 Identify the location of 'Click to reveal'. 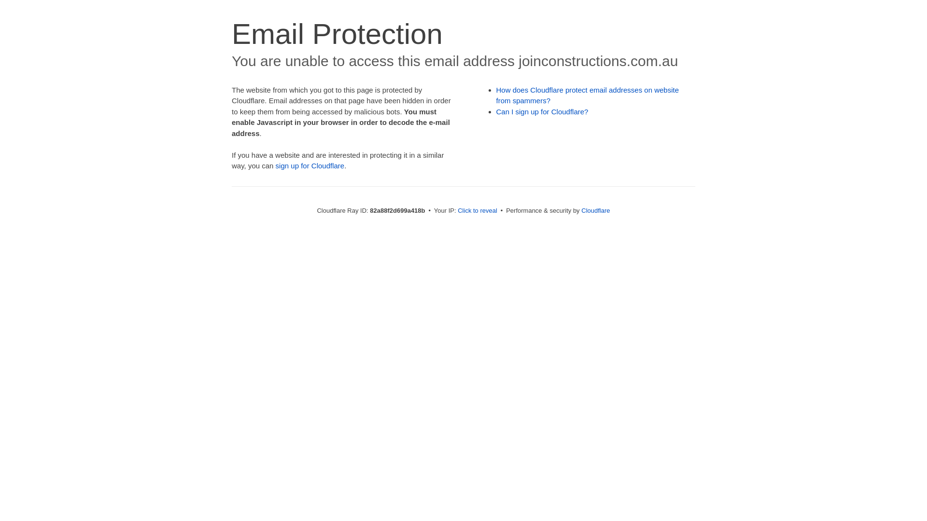
(457, 210).